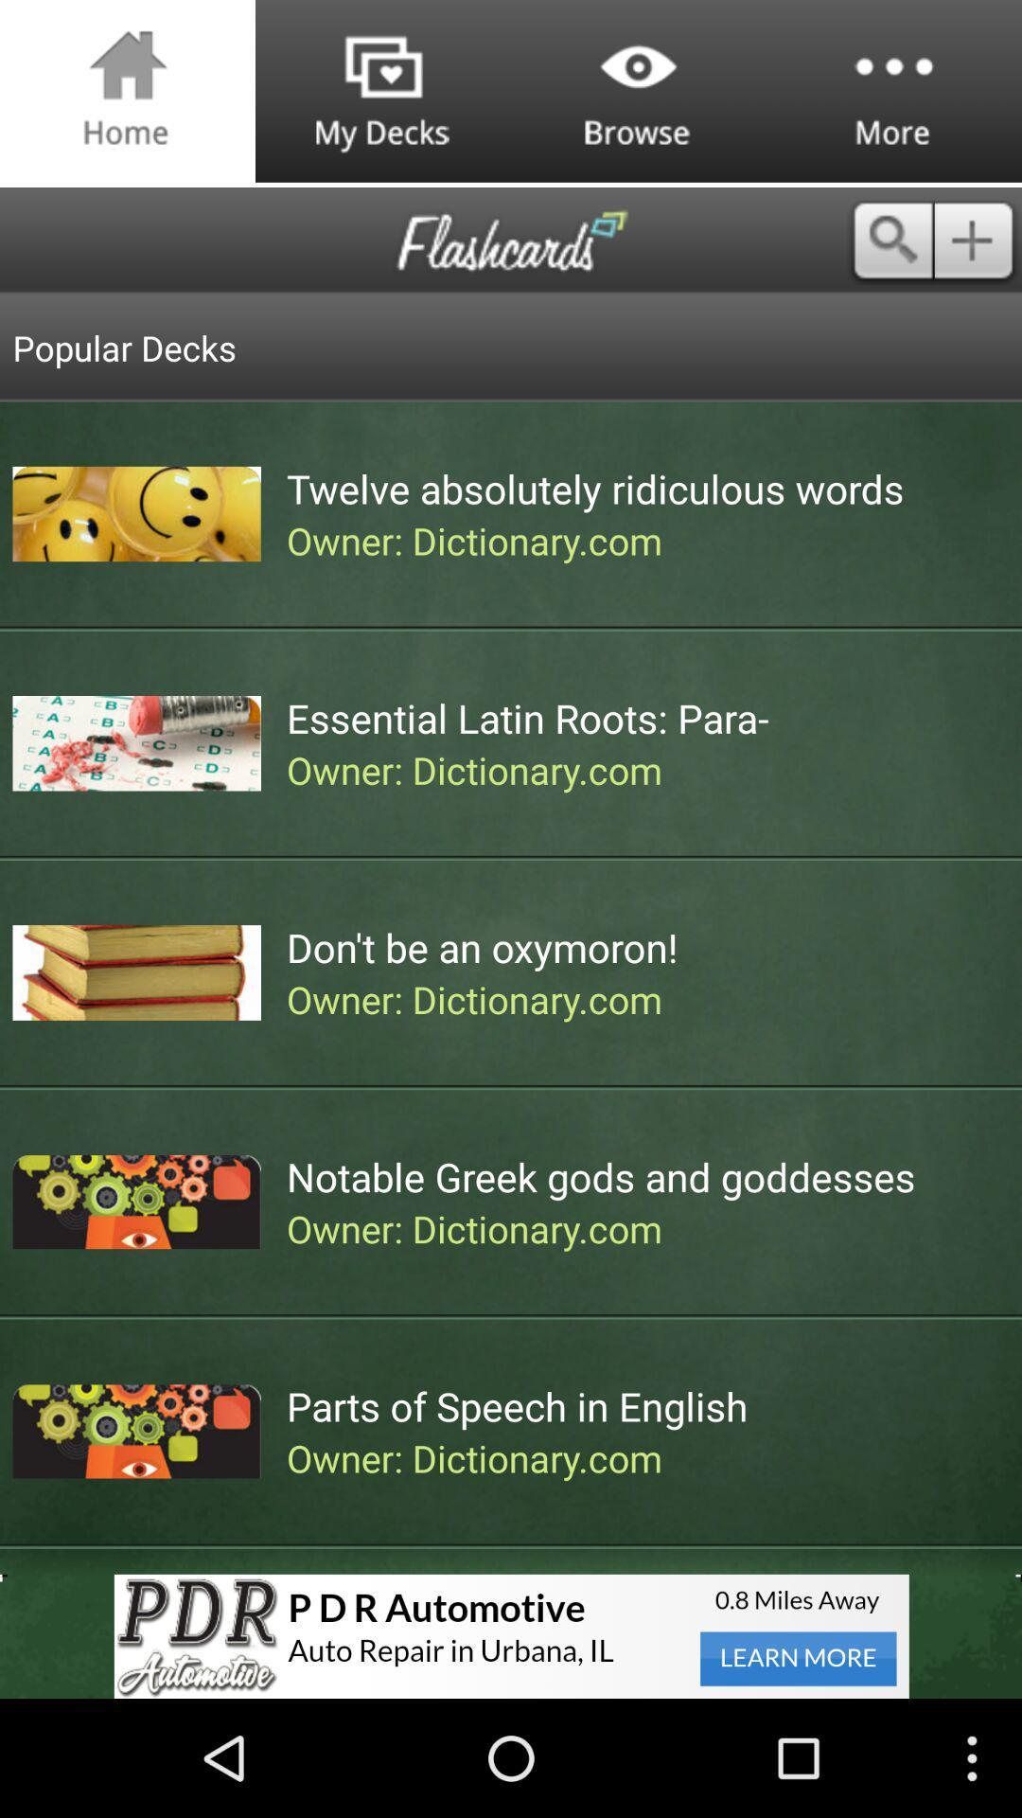  I want to click on the search icon, so click(890, 257).